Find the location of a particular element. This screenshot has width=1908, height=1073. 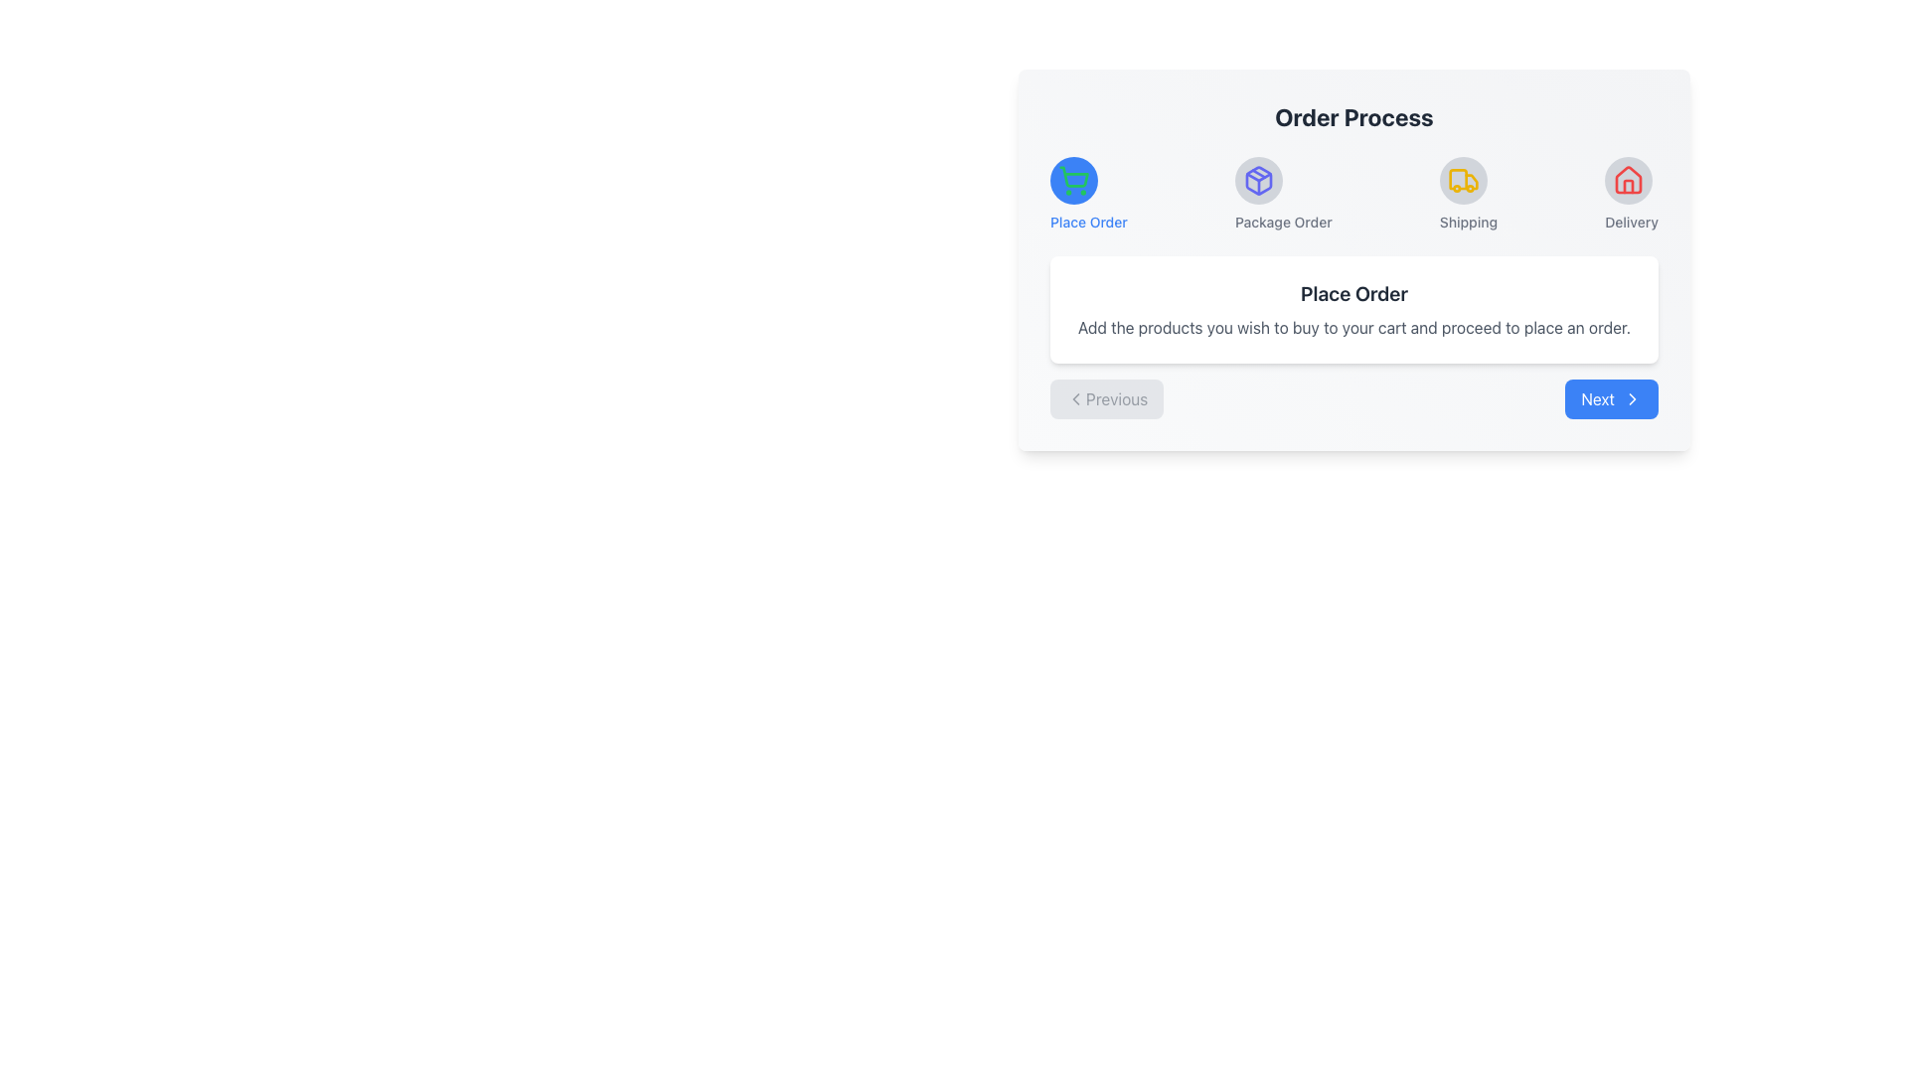

the circular icon indicating the 'Shipping' stage of the order process is located at coordinates (1463, 180).